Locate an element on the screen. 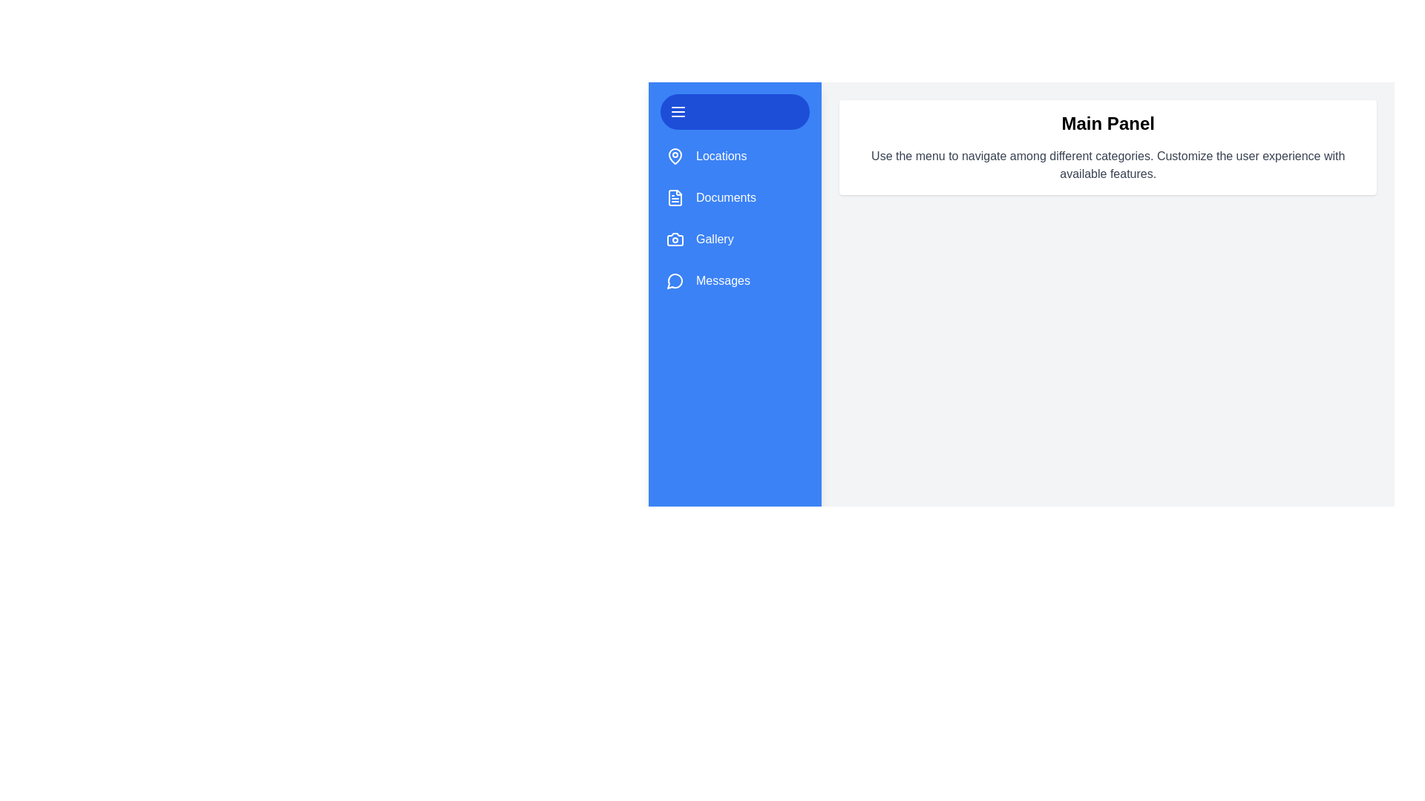 This screenshot has width=1425, height=801. the category item Gallery to visually interact with it is located at coordinates (697, 239).